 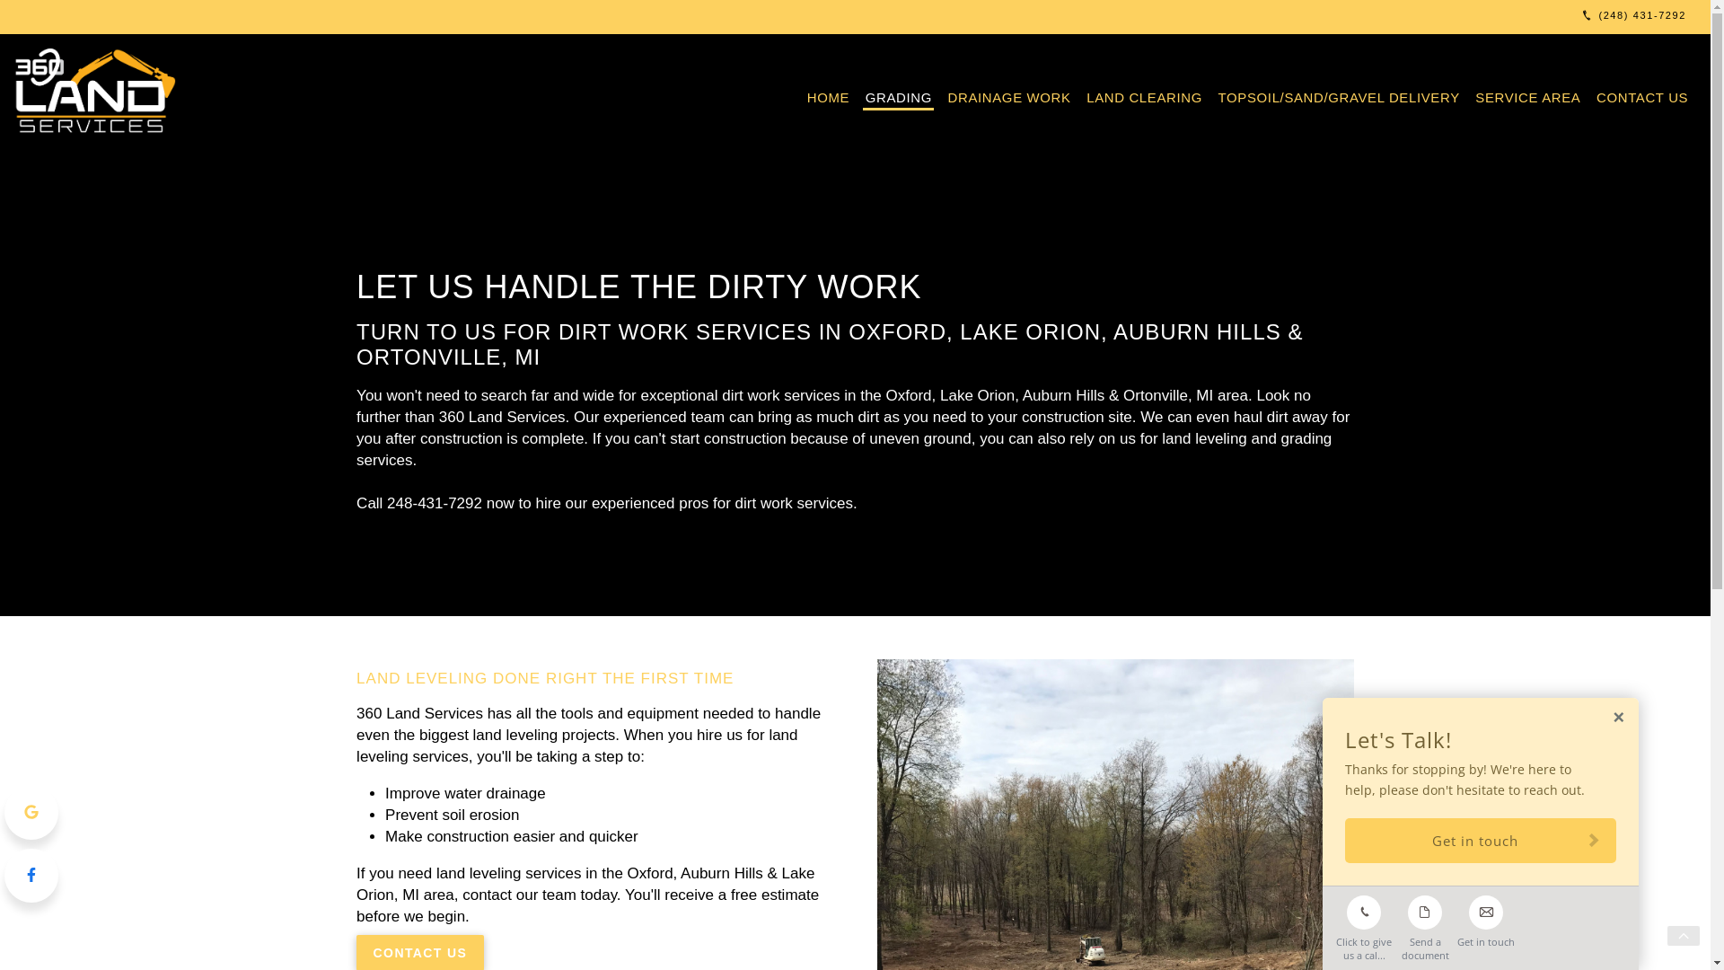 What do you see at coordinates (826, 93) in the screenshot?
I see `'HOME'` at bounding box center [826, 93].